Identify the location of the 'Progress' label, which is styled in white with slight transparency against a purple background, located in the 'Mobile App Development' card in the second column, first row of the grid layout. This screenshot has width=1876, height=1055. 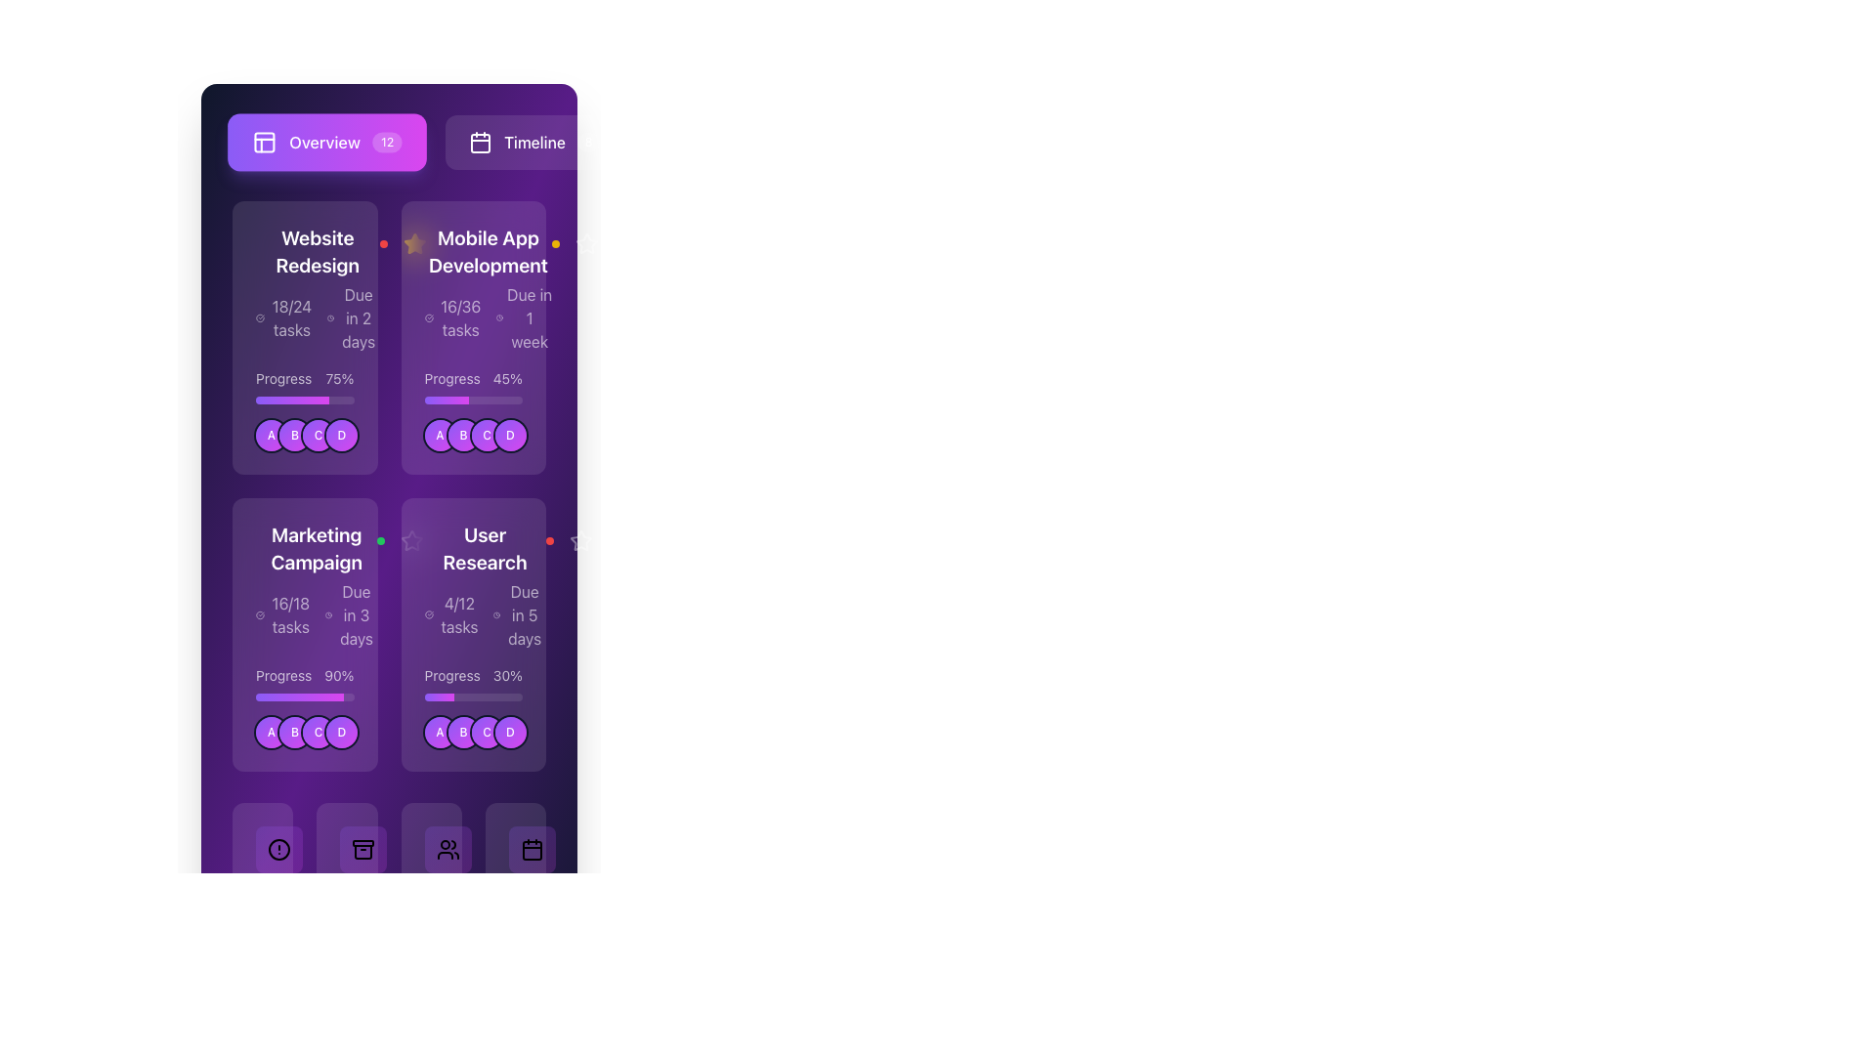
(451, 379).